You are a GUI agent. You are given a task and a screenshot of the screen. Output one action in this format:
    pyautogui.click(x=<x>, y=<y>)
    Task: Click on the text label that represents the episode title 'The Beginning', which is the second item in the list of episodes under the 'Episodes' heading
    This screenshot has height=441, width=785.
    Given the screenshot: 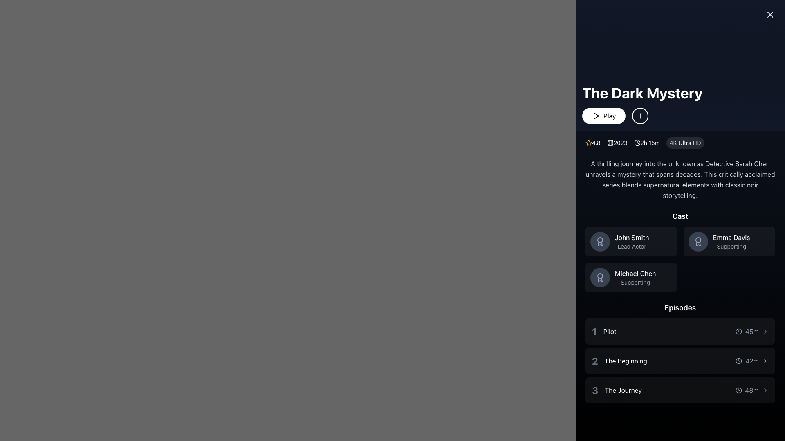 What is the action you would take?
    pyautogui.click(x=619, y=360)
    